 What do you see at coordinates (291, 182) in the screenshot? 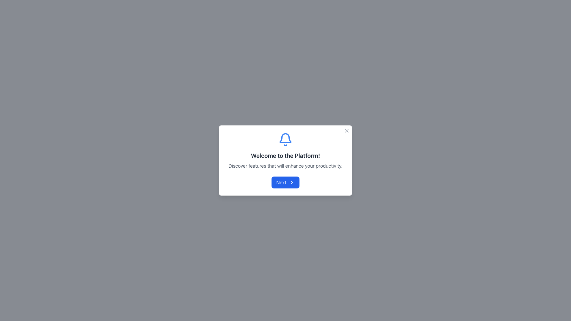
I see `the rightward-pointing chevron icon inside the blue 'Next' button` at bounding box center [291, 182].